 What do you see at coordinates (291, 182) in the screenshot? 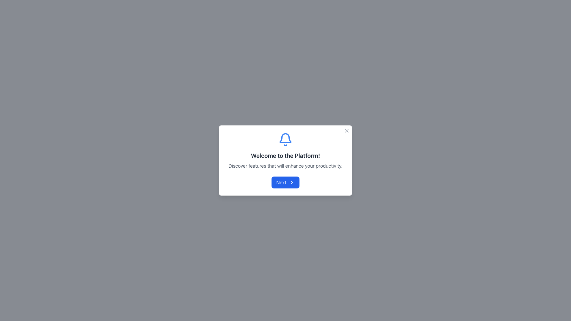
I see `the rightward-pointing chevron icon inside the blue 'Next' button` at bounding box center [291, 182].